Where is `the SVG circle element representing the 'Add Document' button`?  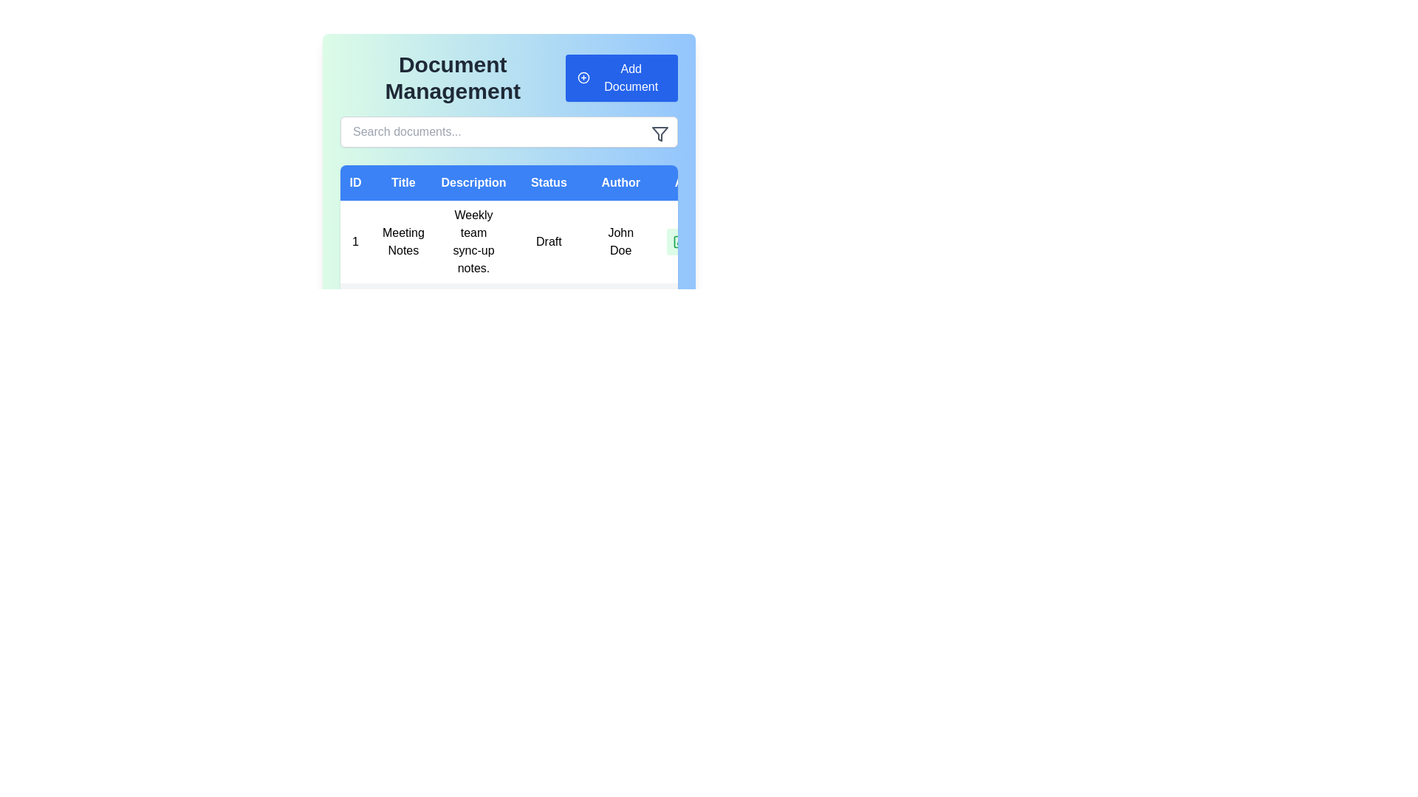
the SVG circle element representing the 'Add Document' button is located at coordinates (583, 77).